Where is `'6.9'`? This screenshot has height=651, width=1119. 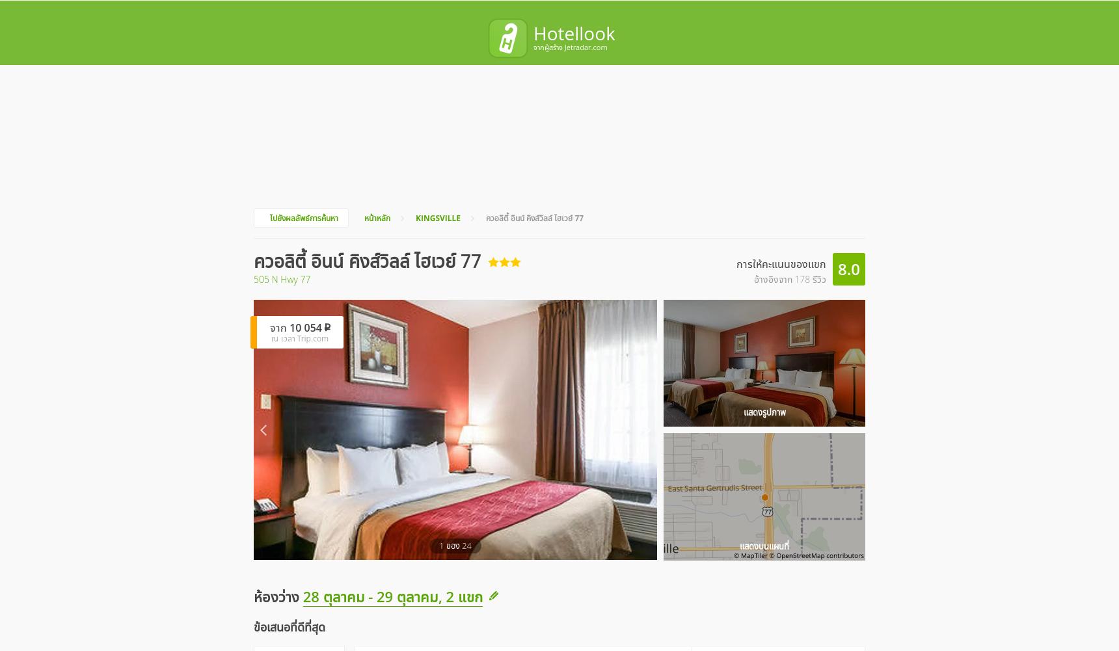
'6.9' is located at coordinates (725, 498).